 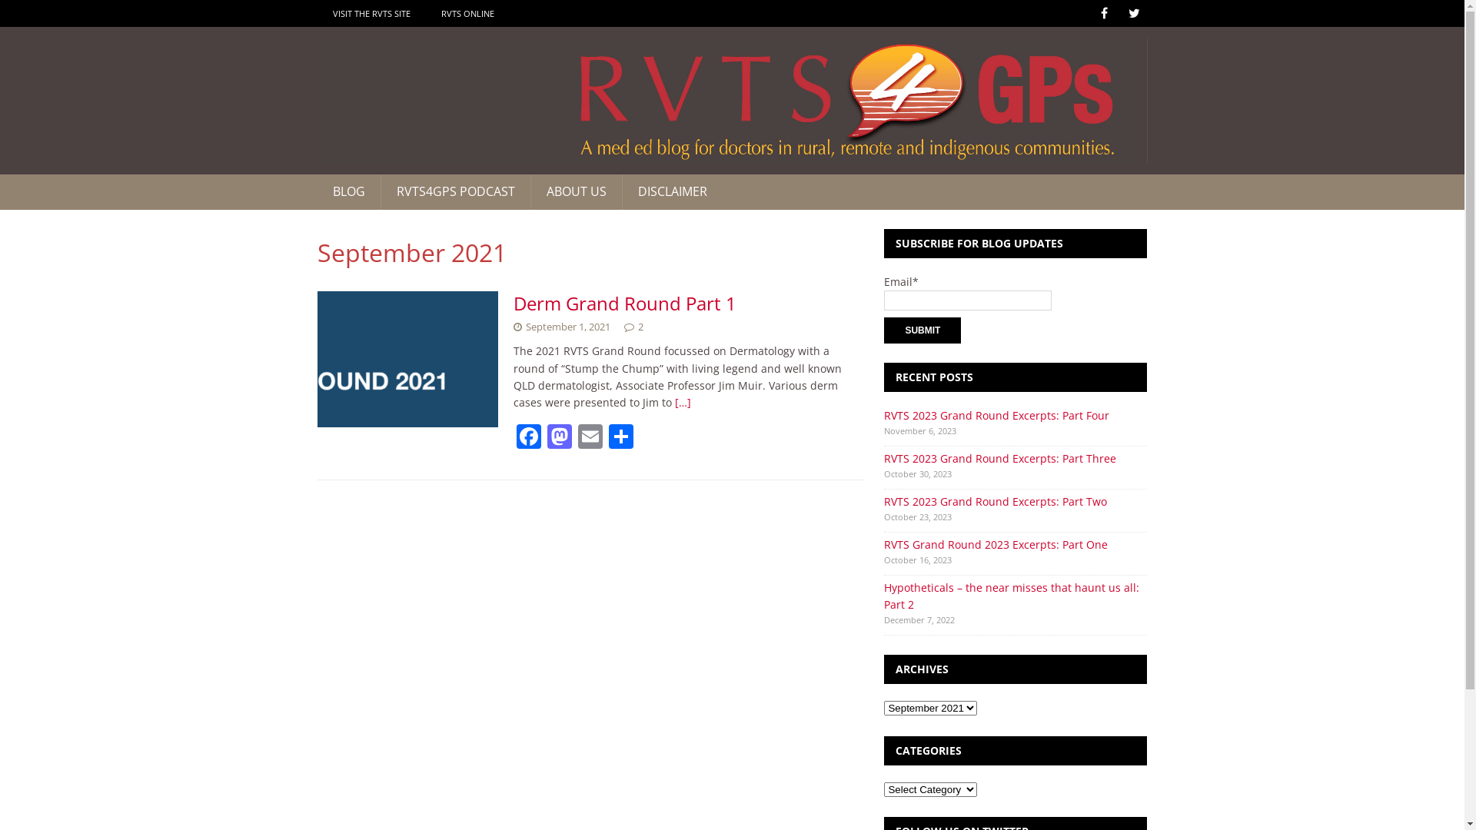 What do you see at coordinates (620, 438) in the screenshot?
I see `'Share'` at bounding box center [620, 438].